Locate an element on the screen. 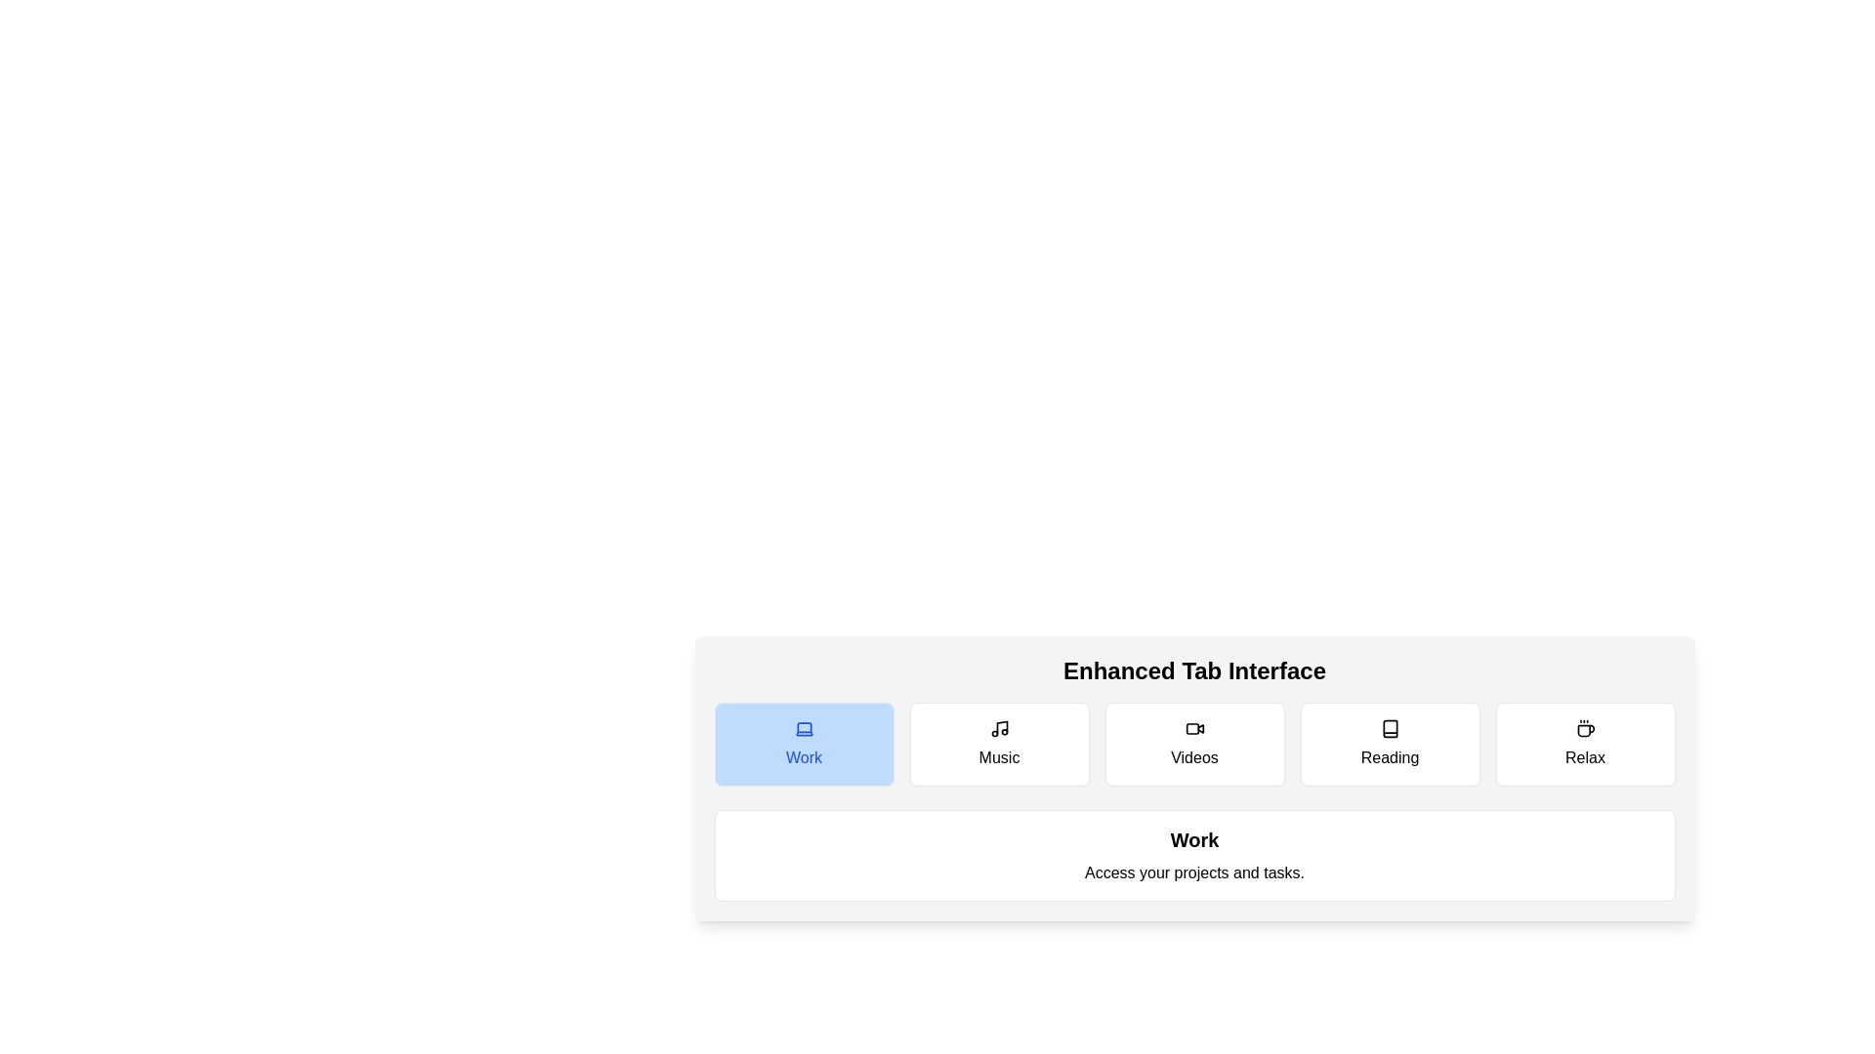 Image resolution: width=1875 pixels, height=1054 pixels. the tab button corresponding to Work is located at coordinates (804, 745).